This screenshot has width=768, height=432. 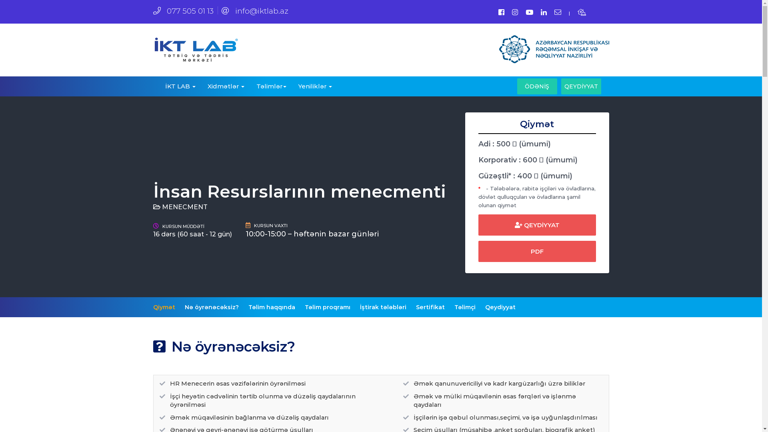 What do you see at coordinates (182, 11) in the screenshot?
I see `'077 505 01 13'` at bounding box center [182, 11].